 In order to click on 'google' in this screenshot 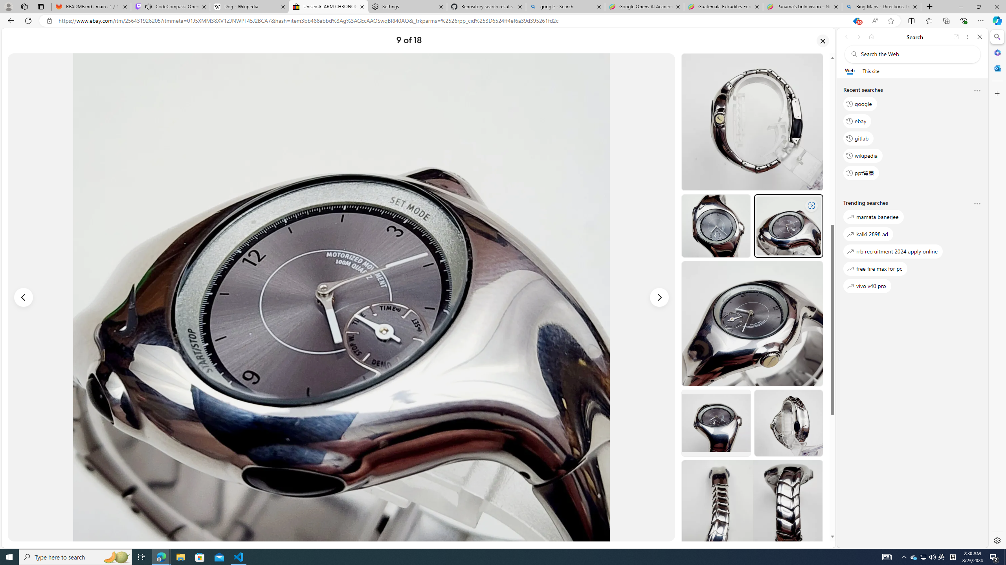, I will do `click(860, 104)`.